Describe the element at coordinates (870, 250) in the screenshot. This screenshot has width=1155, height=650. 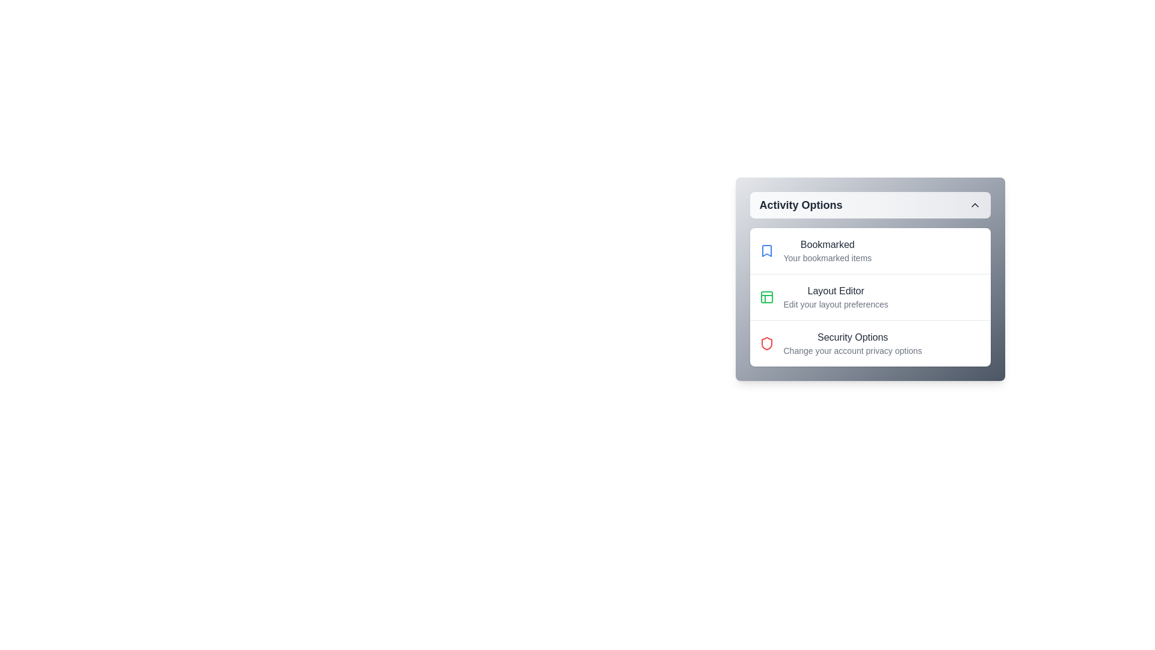
I see `the first item labeled 'Bookmarked' in the 'Activity Options' menu` at that location.